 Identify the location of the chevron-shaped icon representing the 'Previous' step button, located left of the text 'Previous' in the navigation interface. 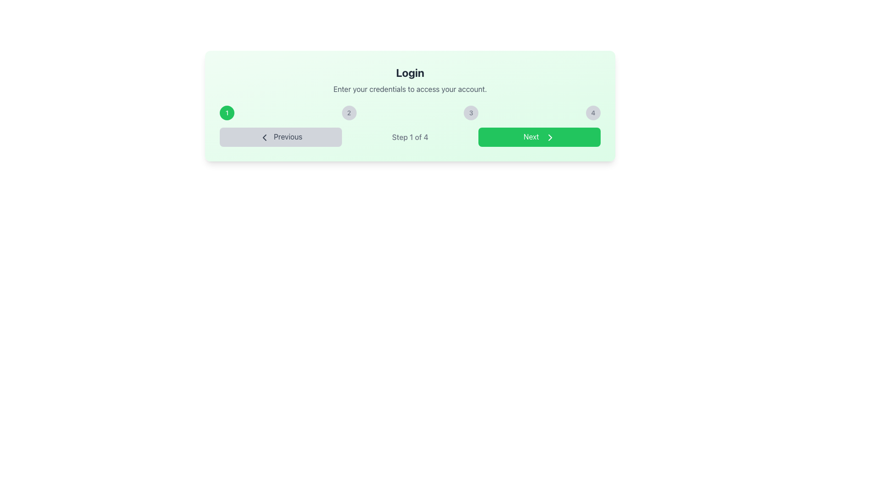
(264, 137).